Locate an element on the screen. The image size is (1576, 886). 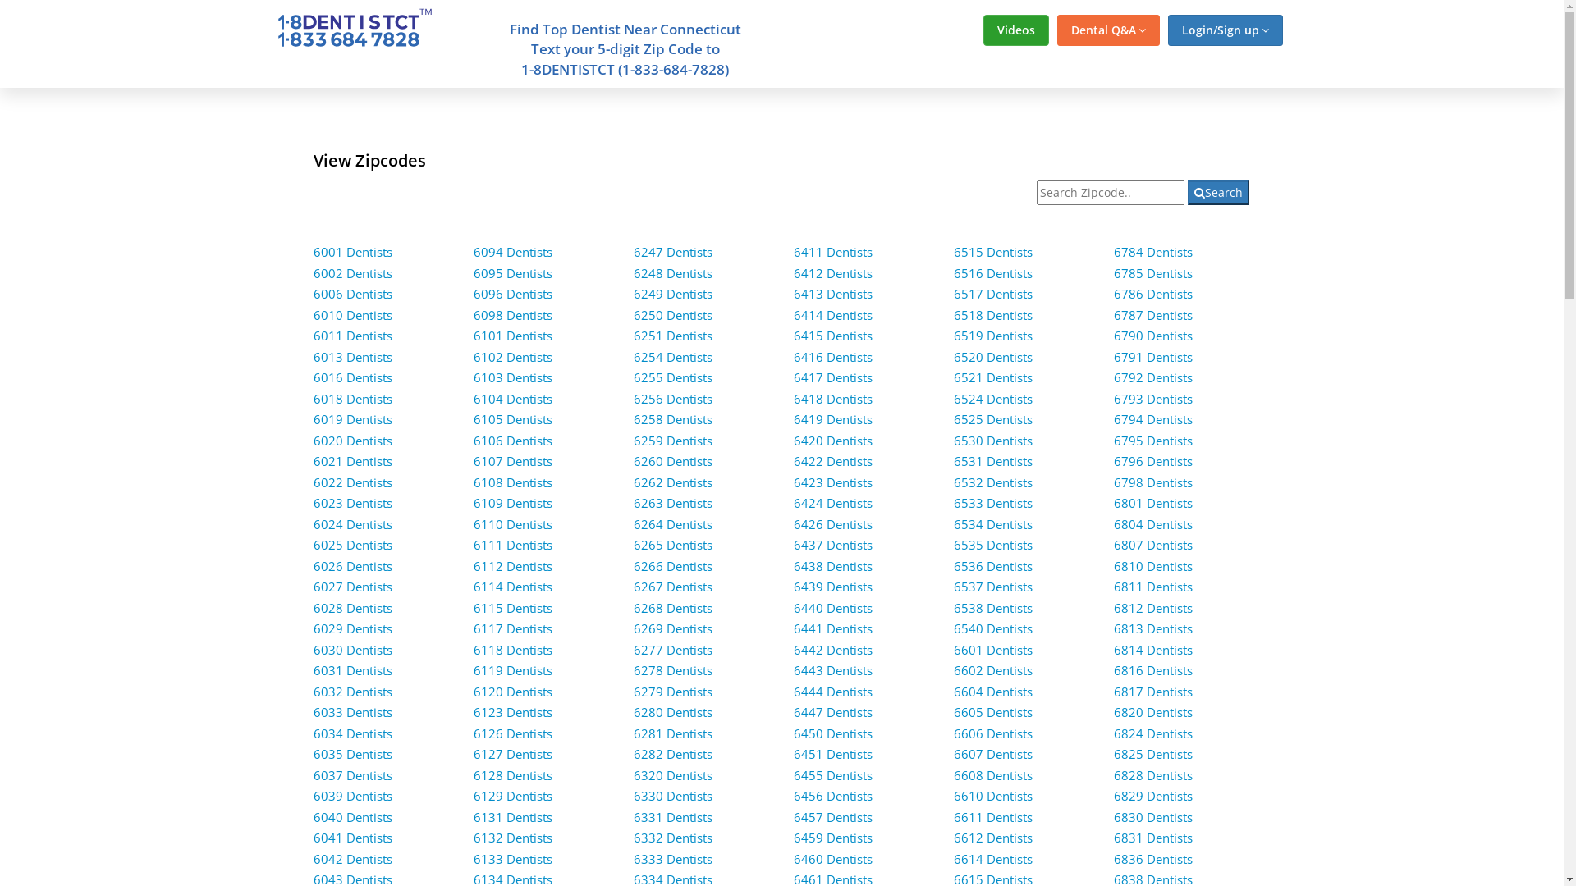
'6264 Dentists' is located at coordinates (673, 524).